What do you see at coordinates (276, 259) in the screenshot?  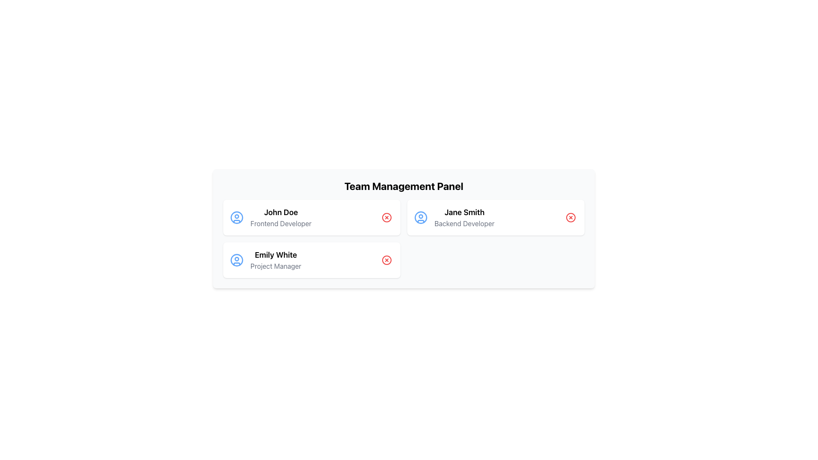 I see `the Profile Display element located in the lower left cell of the Team Management Panel, which shows the name and role of a team member` at bounding box center [276, 259].